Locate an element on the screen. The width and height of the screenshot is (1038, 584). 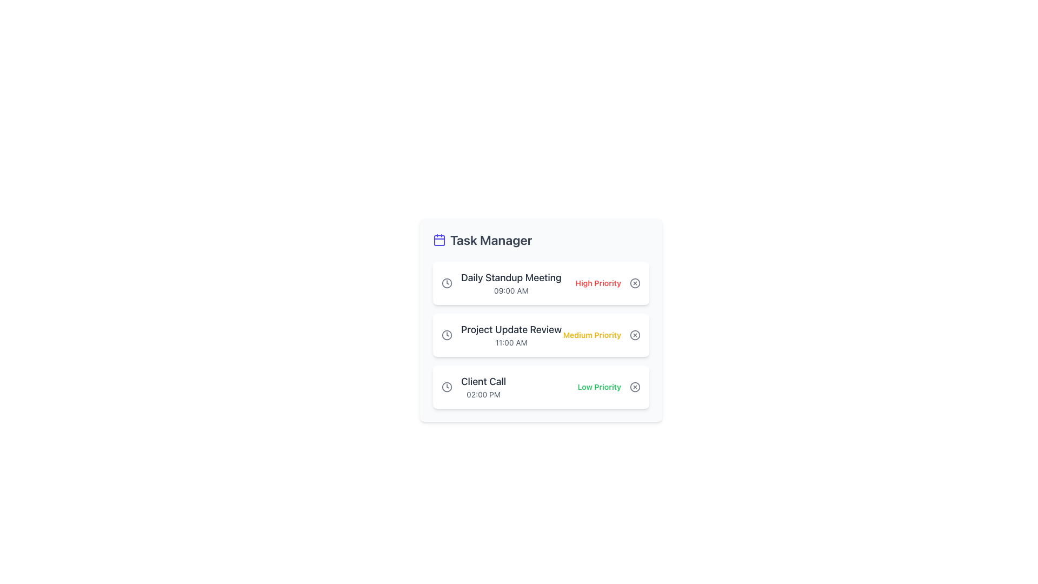
the Decorative Icon Component, which is a rounded square within the calendar icon located near the 'Task Manager' label is located at coordinates (439, 240).